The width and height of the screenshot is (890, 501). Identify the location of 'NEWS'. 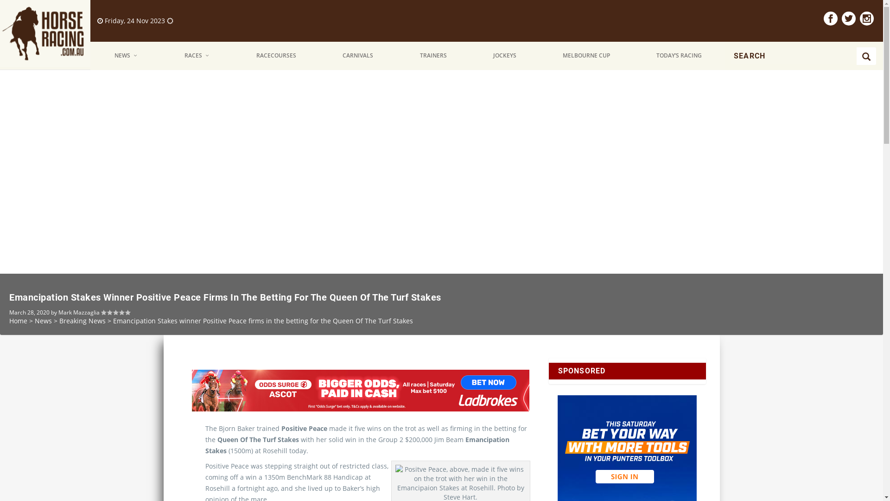
(126, 56).